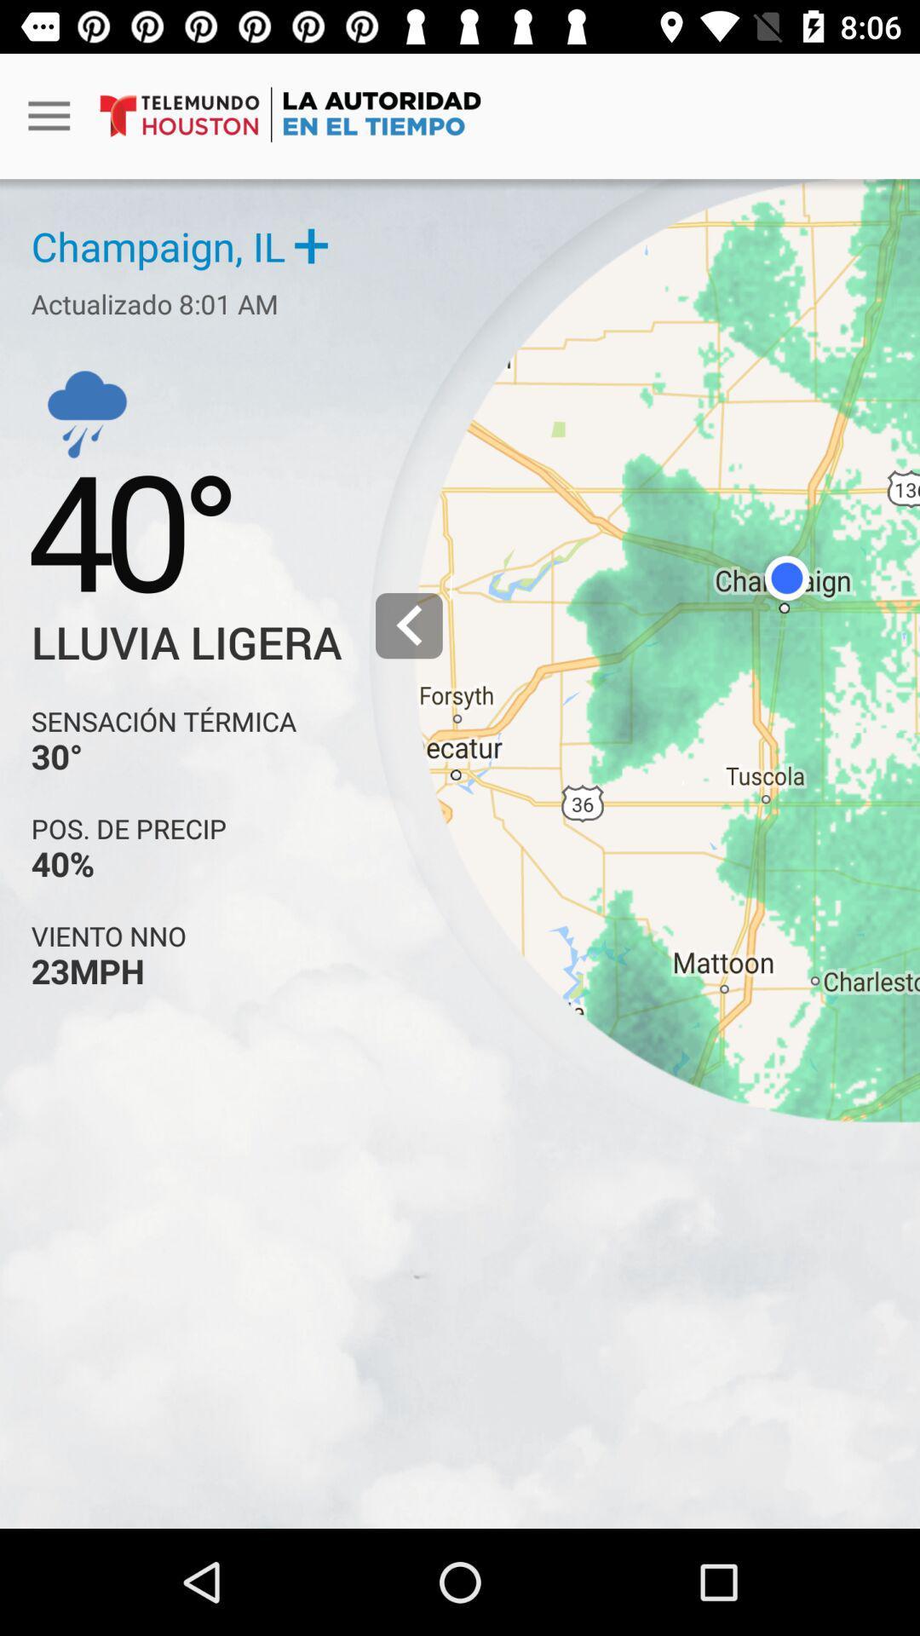 The image size is (920, 1636). What do you see at coordinates (409, 625) in the screenshot?
I see `the left arrow icon right to lluvia ligera` at bounding box center [409, 625].